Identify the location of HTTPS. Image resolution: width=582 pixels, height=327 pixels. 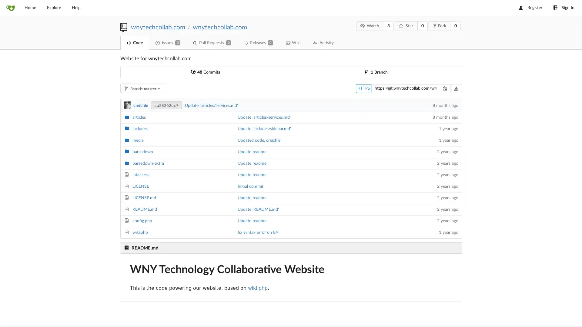
(363, 88).